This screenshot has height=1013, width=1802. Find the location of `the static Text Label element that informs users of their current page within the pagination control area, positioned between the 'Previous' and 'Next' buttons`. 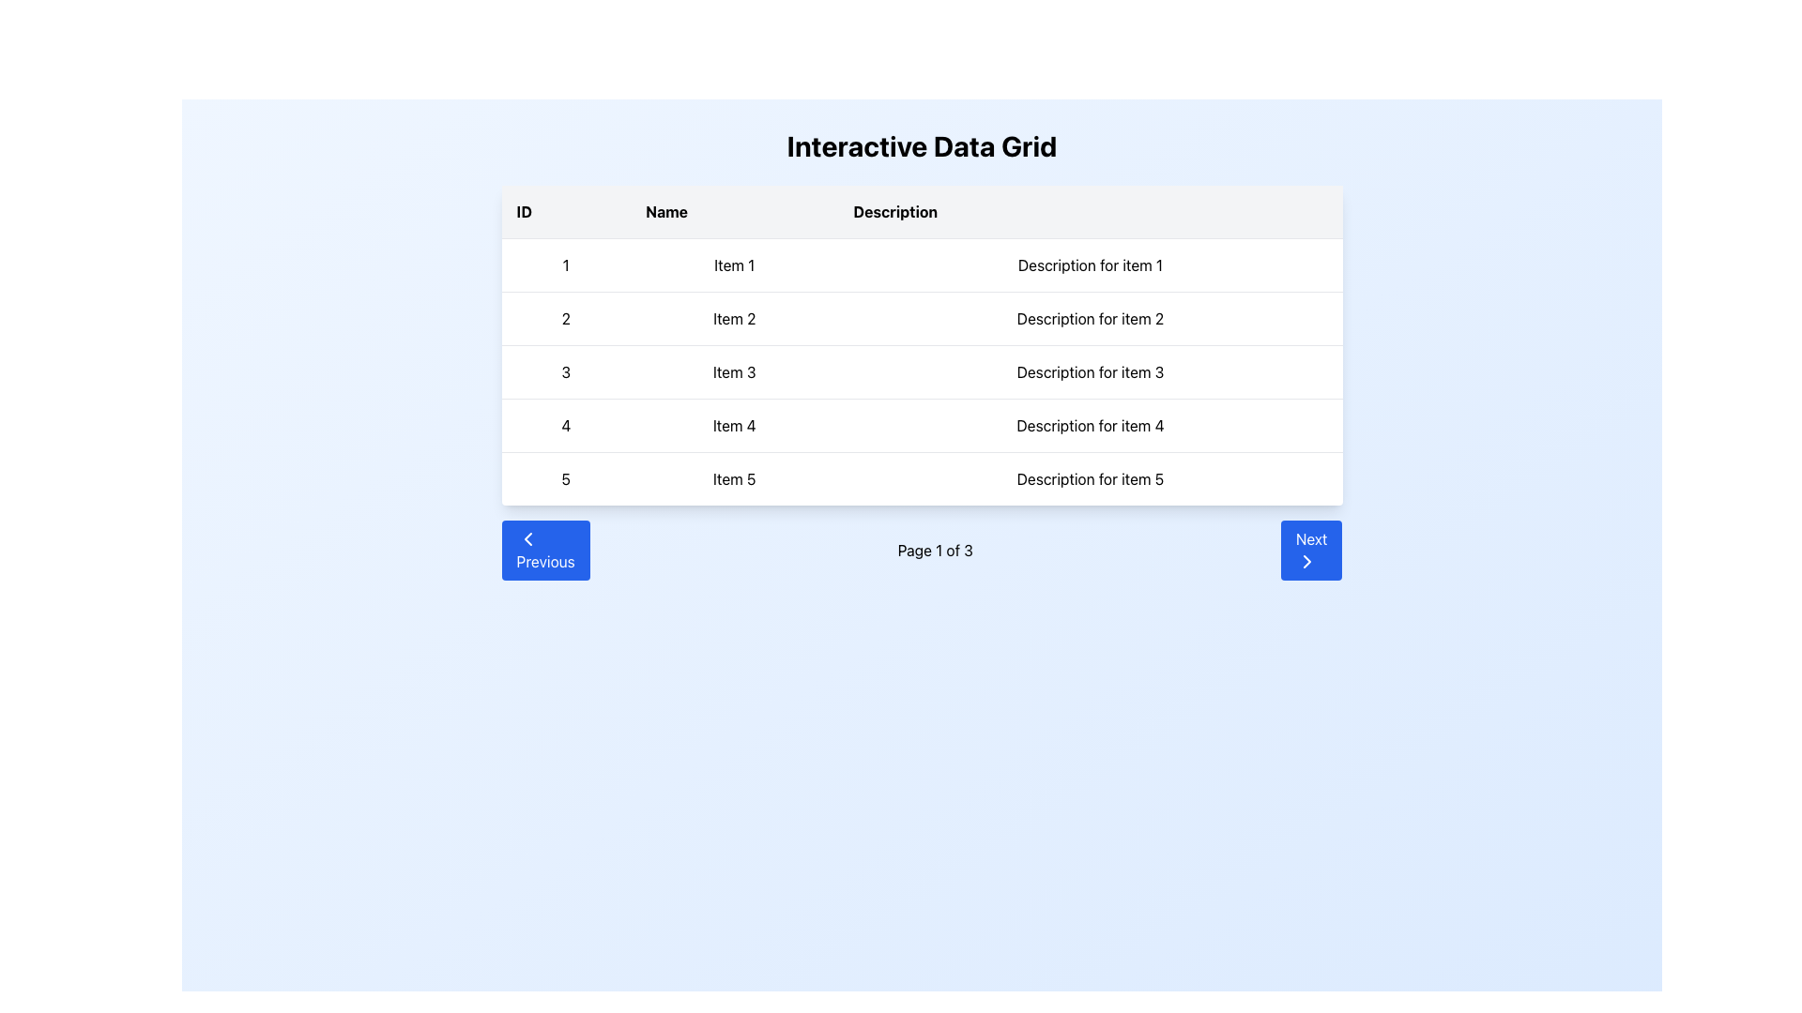

the static Text Label element that informs users of their current page within the pagination control area, positioned between the 'Previous' and 'Next' buttons is located at coordinates (935, 549).